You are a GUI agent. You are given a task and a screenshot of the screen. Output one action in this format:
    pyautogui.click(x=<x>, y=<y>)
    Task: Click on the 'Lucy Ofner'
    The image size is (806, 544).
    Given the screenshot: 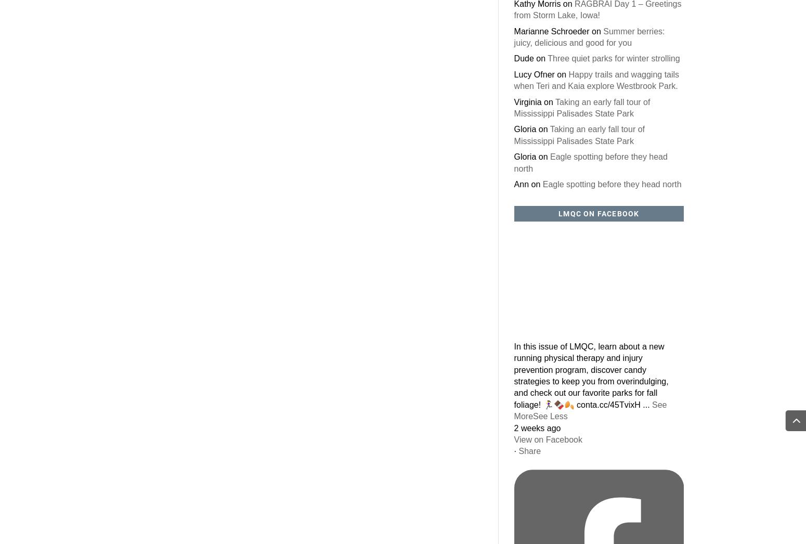 What is the action you would take?
    pyautogui.click(x=534, y=73)
    